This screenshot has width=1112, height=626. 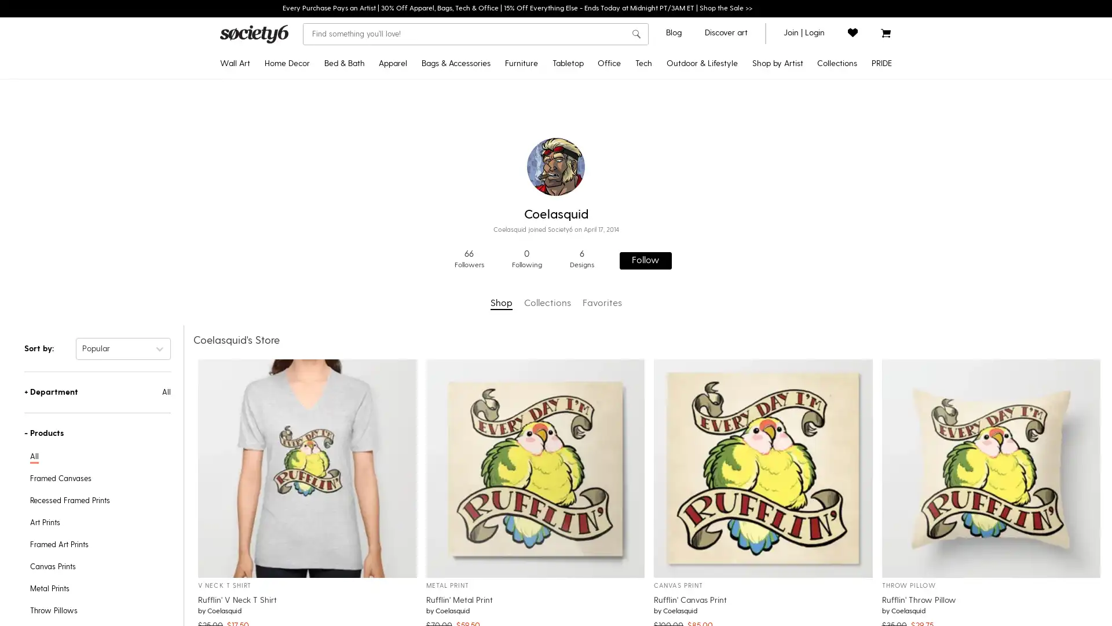 I want to click on Socks, so click(x=464, y=168).